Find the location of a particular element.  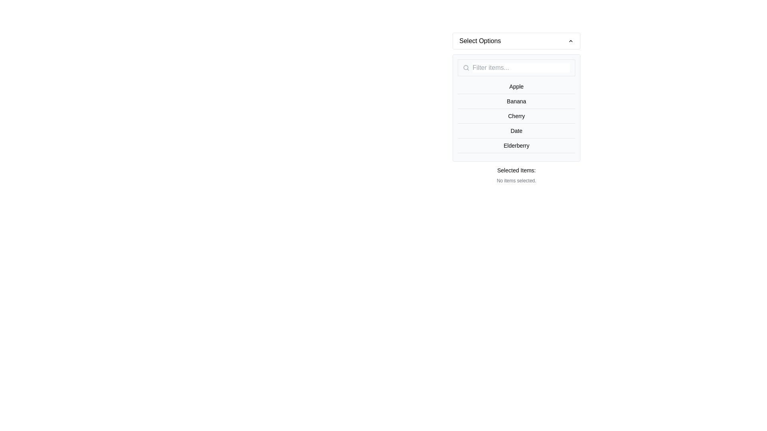

the search bar input area to focus, which is located in the upper section of the dropdown box below the dropdown title is located at coordinates (516, 67).